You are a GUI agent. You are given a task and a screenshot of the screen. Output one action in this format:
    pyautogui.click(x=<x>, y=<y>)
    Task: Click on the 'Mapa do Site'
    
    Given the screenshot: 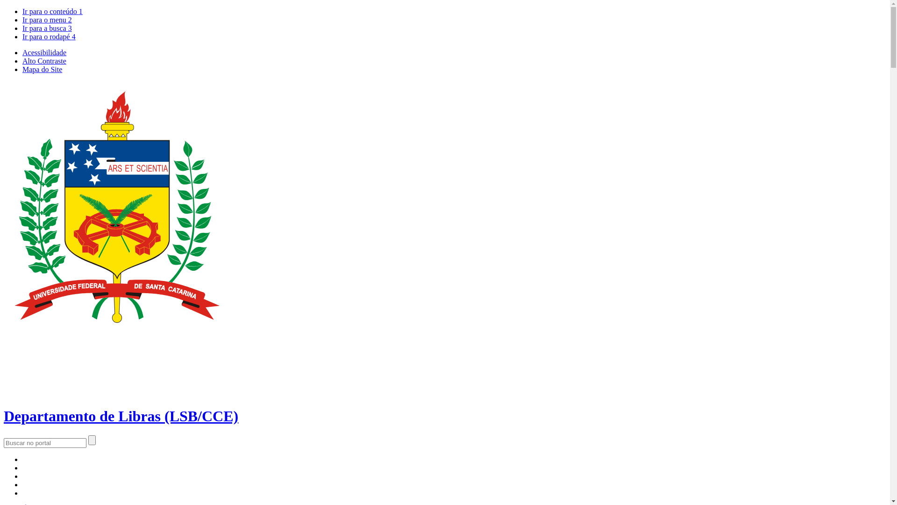 What is the action you would take?
    pyautogui.click(x=42, y=69)
    